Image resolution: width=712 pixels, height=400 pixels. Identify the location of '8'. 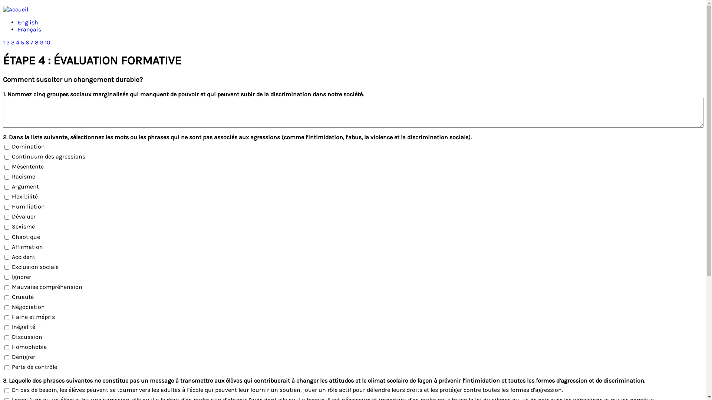
(36, 42).